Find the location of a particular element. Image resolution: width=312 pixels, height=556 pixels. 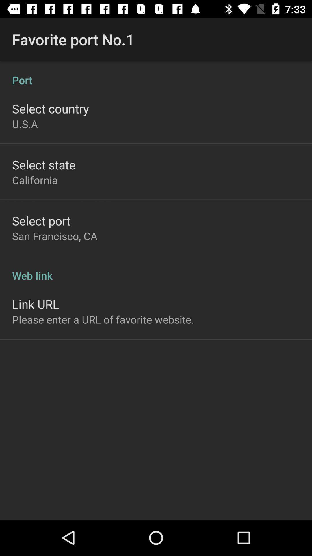

icon below the select state icon is located at coordinates (35, 180).